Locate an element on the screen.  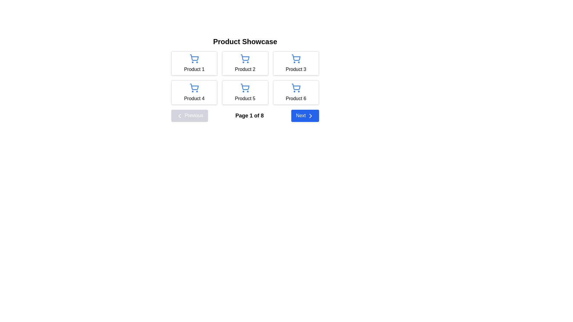
the style of the Right Chevron SVG icon located inside the 'Next' button at the bottom center of the layout, indicating forward navigation is located at coordinates (310, 116).